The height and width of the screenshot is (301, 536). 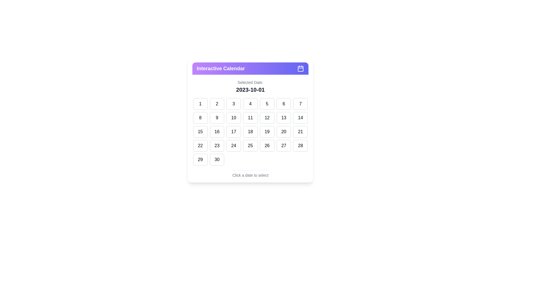 What do you see at coordinates (267, 118) in the screenshot?
I see `the selectable date button representing the 12th in the calendar interface` at bounding box center [267, 118].